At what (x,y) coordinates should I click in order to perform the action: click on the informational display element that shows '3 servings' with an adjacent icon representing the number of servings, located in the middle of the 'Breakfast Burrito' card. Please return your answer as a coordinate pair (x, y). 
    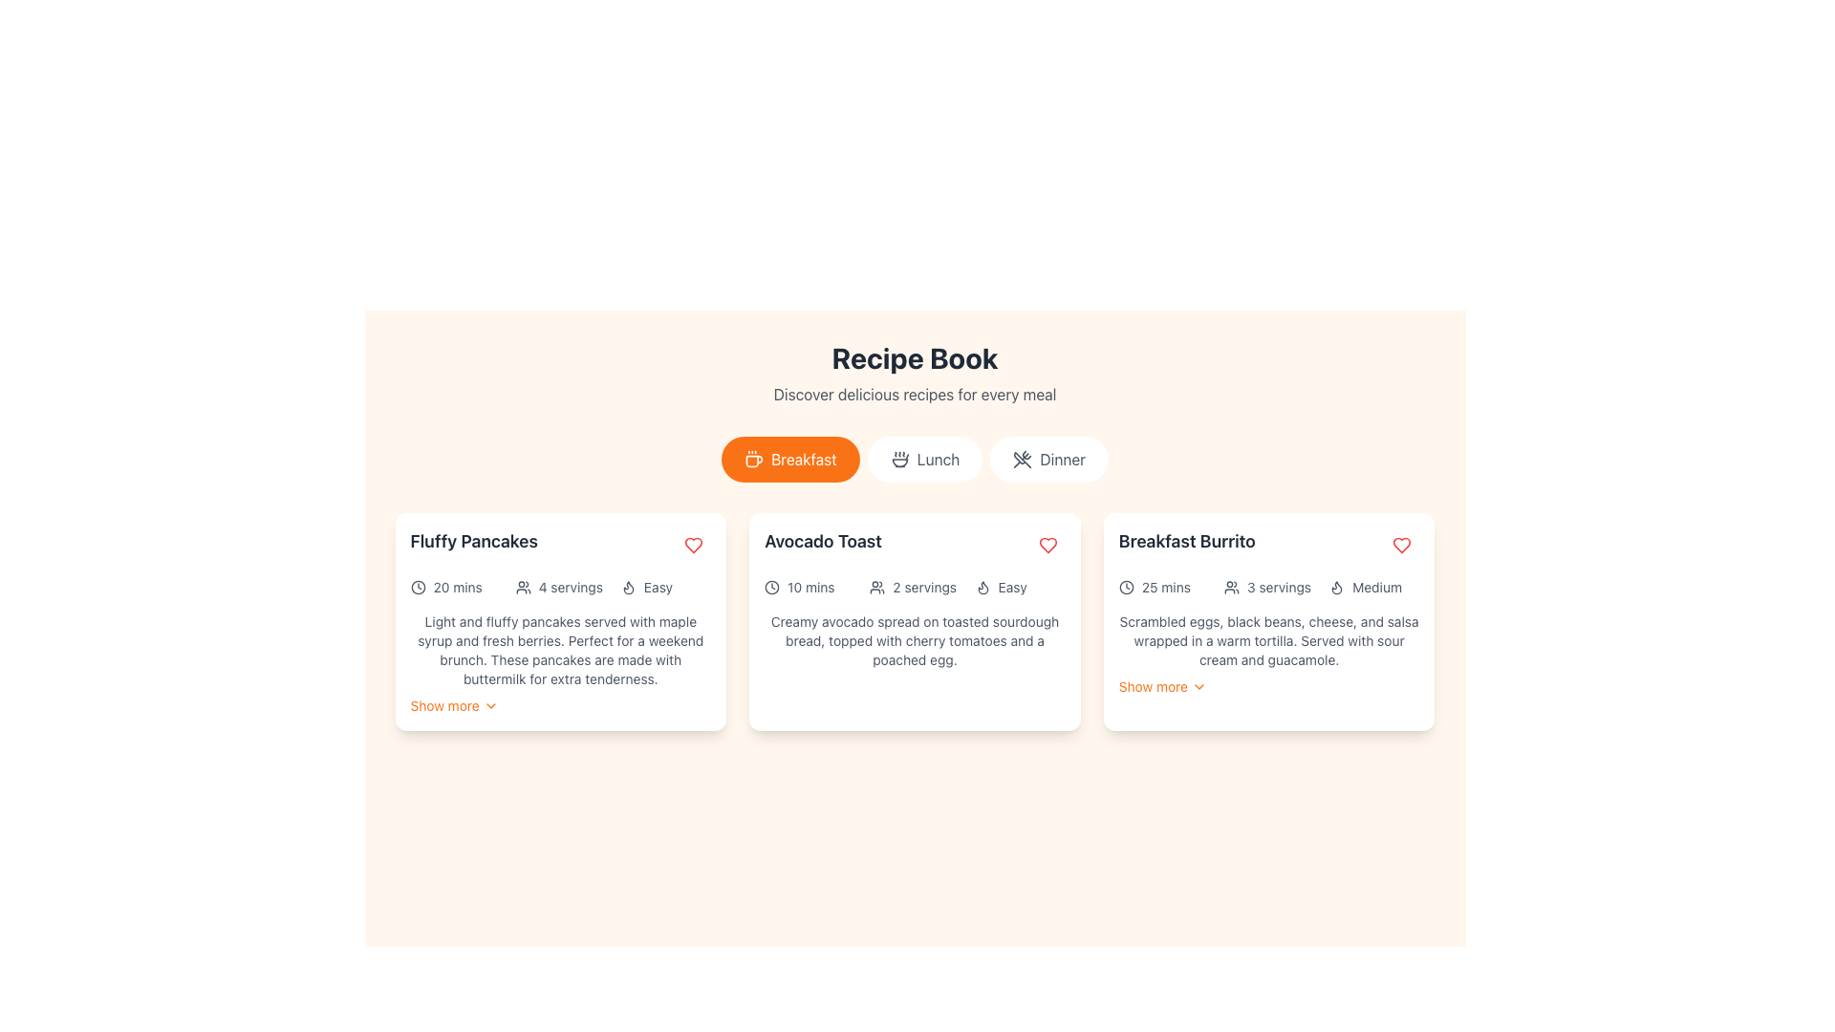
    Looking at the image, I should click on (1269, 586).